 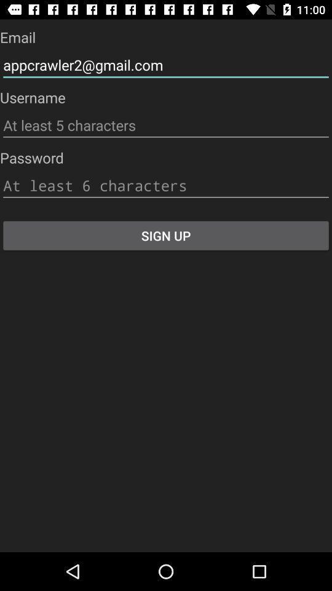 What do you see at coordinates (166, 126) in the screenshot?
I see `type username` at bounding box center [166, 126].